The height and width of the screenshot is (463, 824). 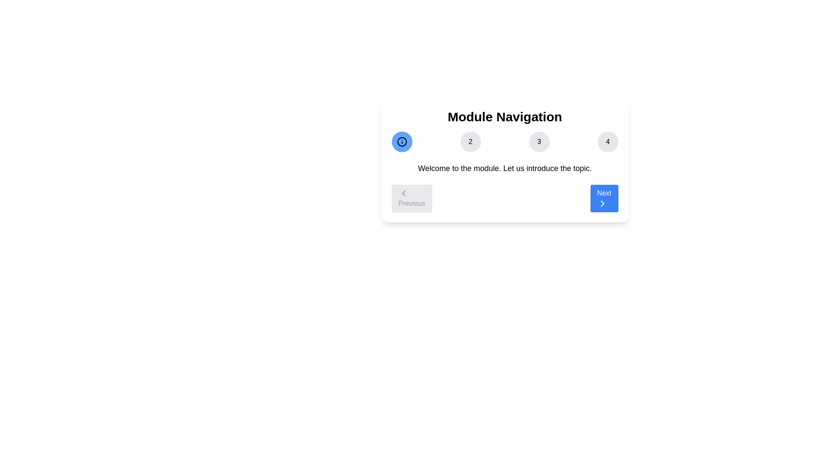 What do you see at coordinates (603, 198) in the screenshot?
I see `the 'Next' button to navigate to the next step in the module` at bounding box center [603, 198].